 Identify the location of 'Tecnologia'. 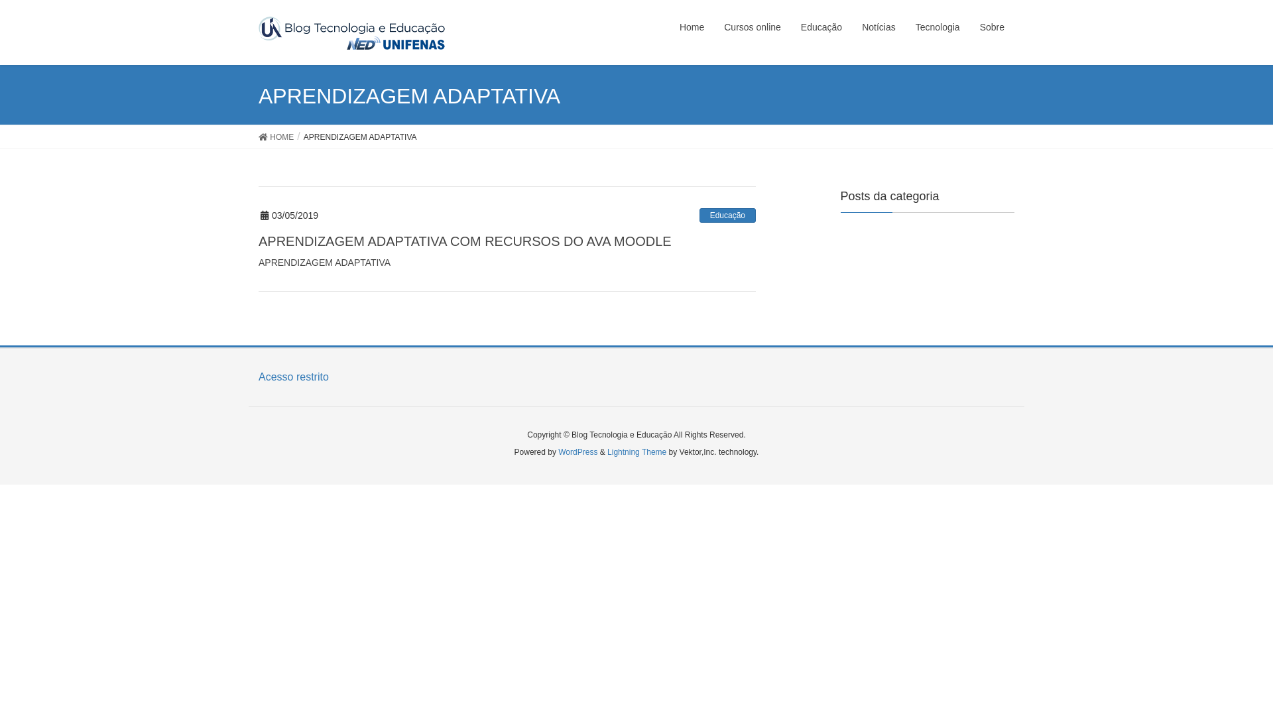
(937, 27).